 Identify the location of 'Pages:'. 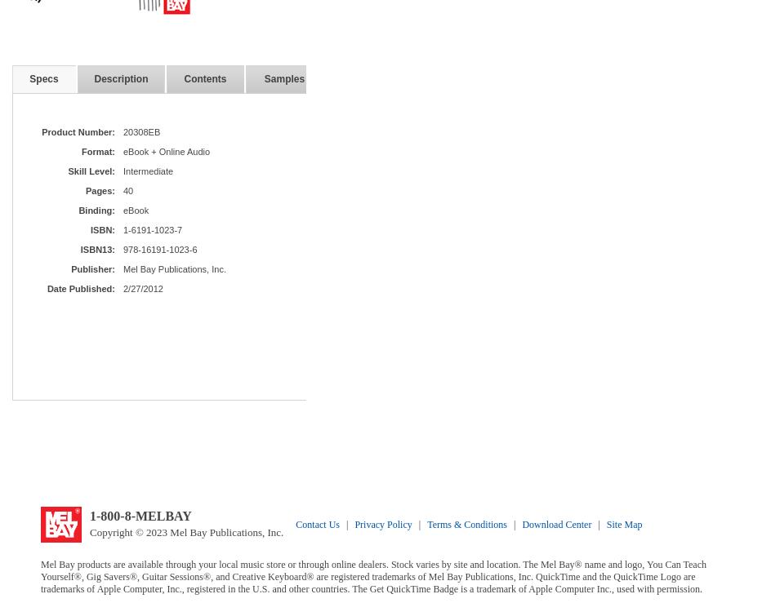
(99, 189).